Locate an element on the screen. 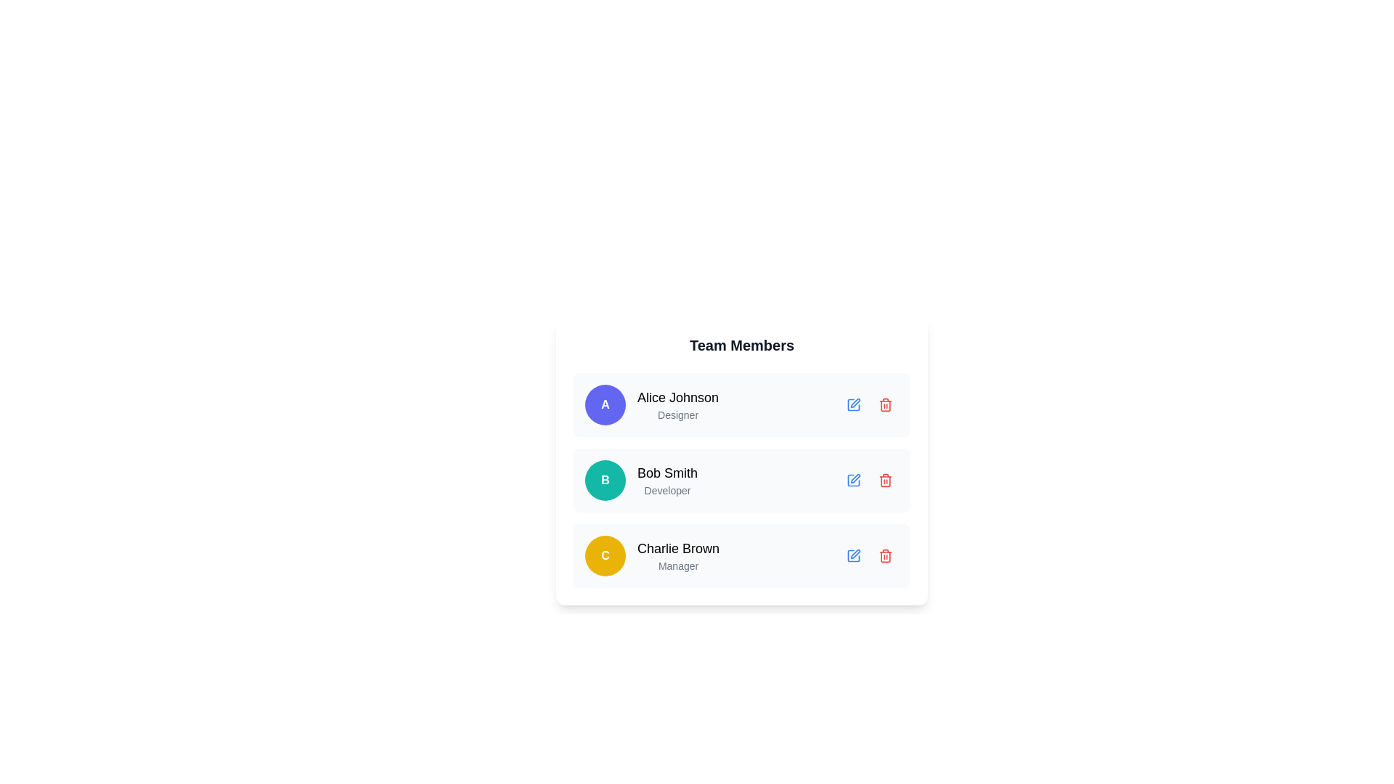 Image resolution: width=1394 pixels, height=784 pixels. the Text Display showing the name and designation of the team member located to the right of the circular avatar with the letter 'B', positioned in the second row of the team member list is located at coordinates (667, 481).